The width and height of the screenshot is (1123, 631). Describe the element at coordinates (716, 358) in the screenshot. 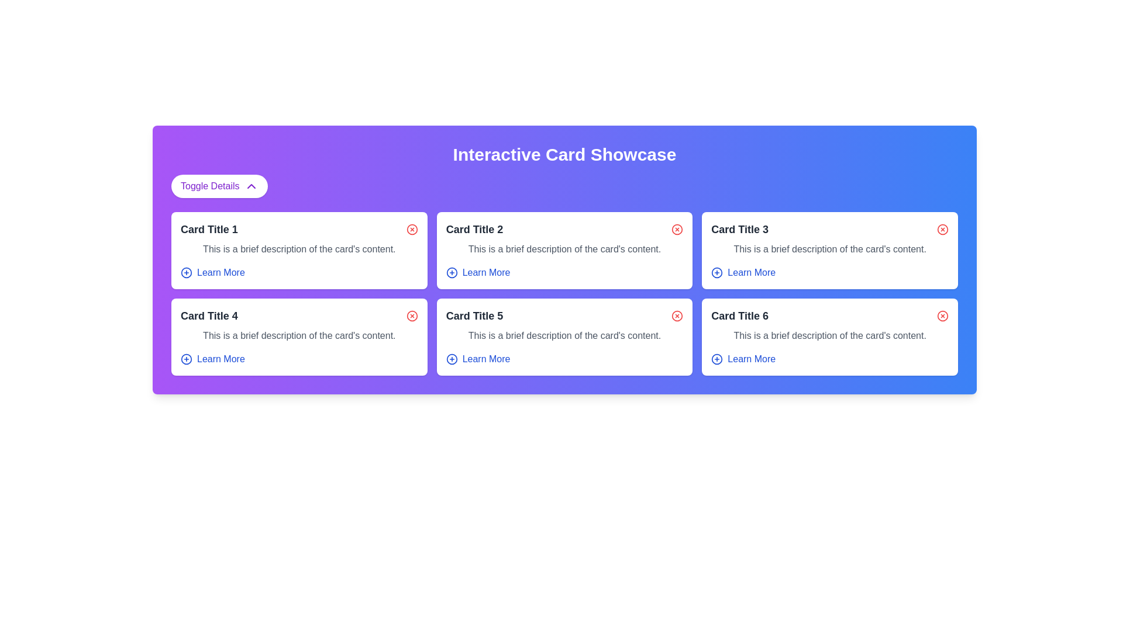

I see `the blue circle icon with a white plus sign, located in the 'Learn More' section of 'Card Title 6'` at that location.